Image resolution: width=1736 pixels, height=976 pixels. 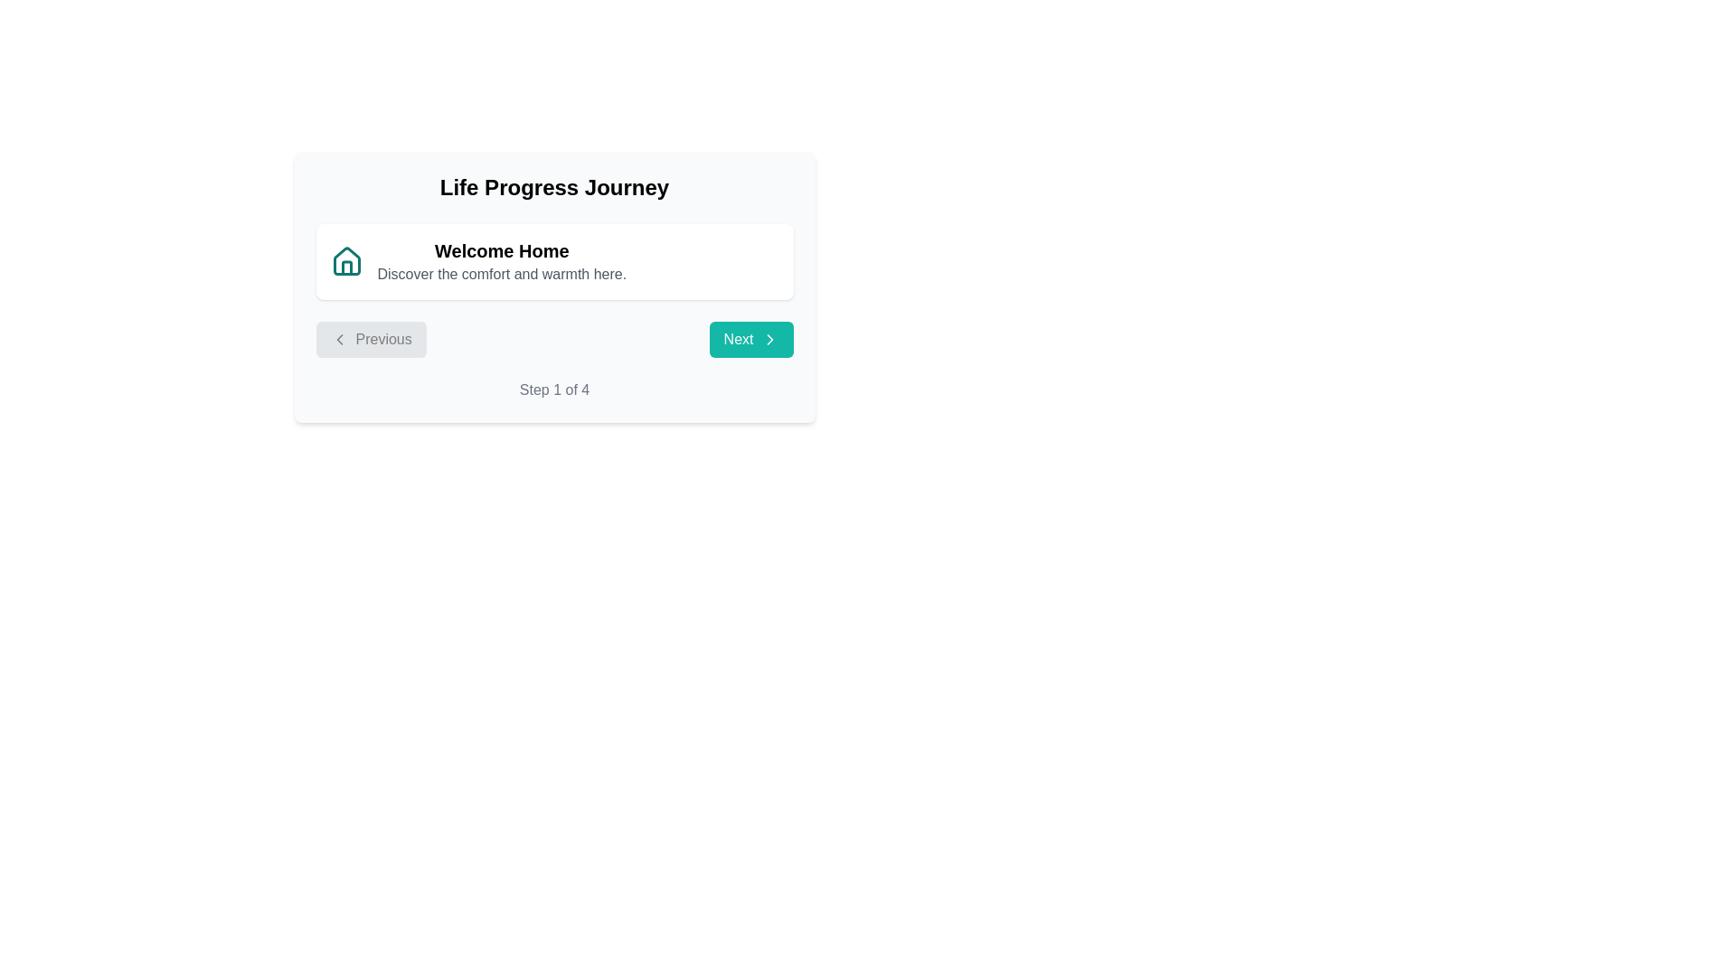 What do you see at coordinates (769, 339) in the screenshot?
I see `the visual indicator icon located at the rightmost side of the 'Next' button in the bottom-right area of the card interface` at bounding box center [769, 339].